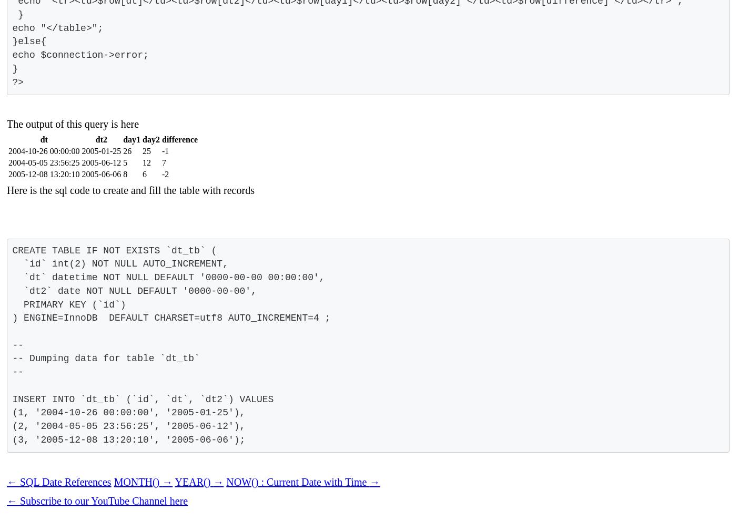 This screenshot has height=532, width=749. I want to click on '2004-10-26 00:00:00', so click(44, 150).